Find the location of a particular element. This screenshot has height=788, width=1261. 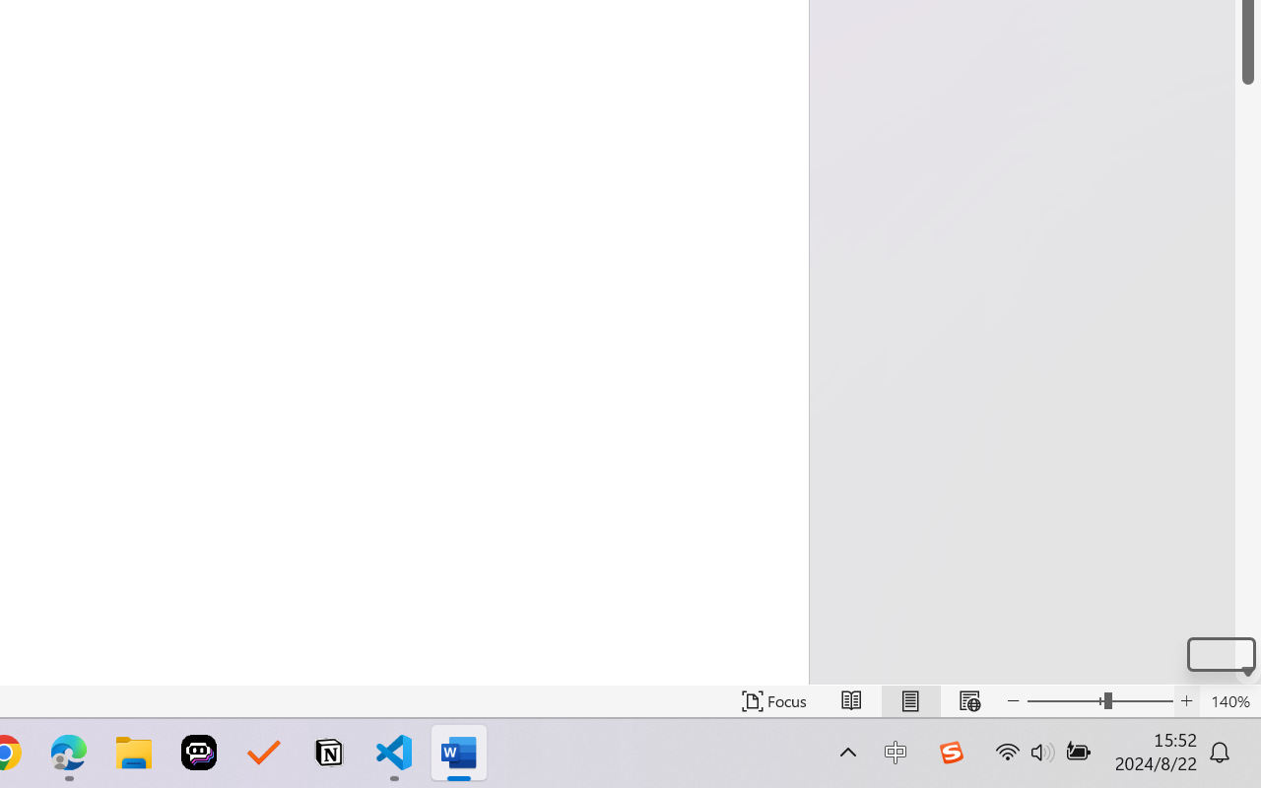

'Focus ' is located at coordinates (773, 700).